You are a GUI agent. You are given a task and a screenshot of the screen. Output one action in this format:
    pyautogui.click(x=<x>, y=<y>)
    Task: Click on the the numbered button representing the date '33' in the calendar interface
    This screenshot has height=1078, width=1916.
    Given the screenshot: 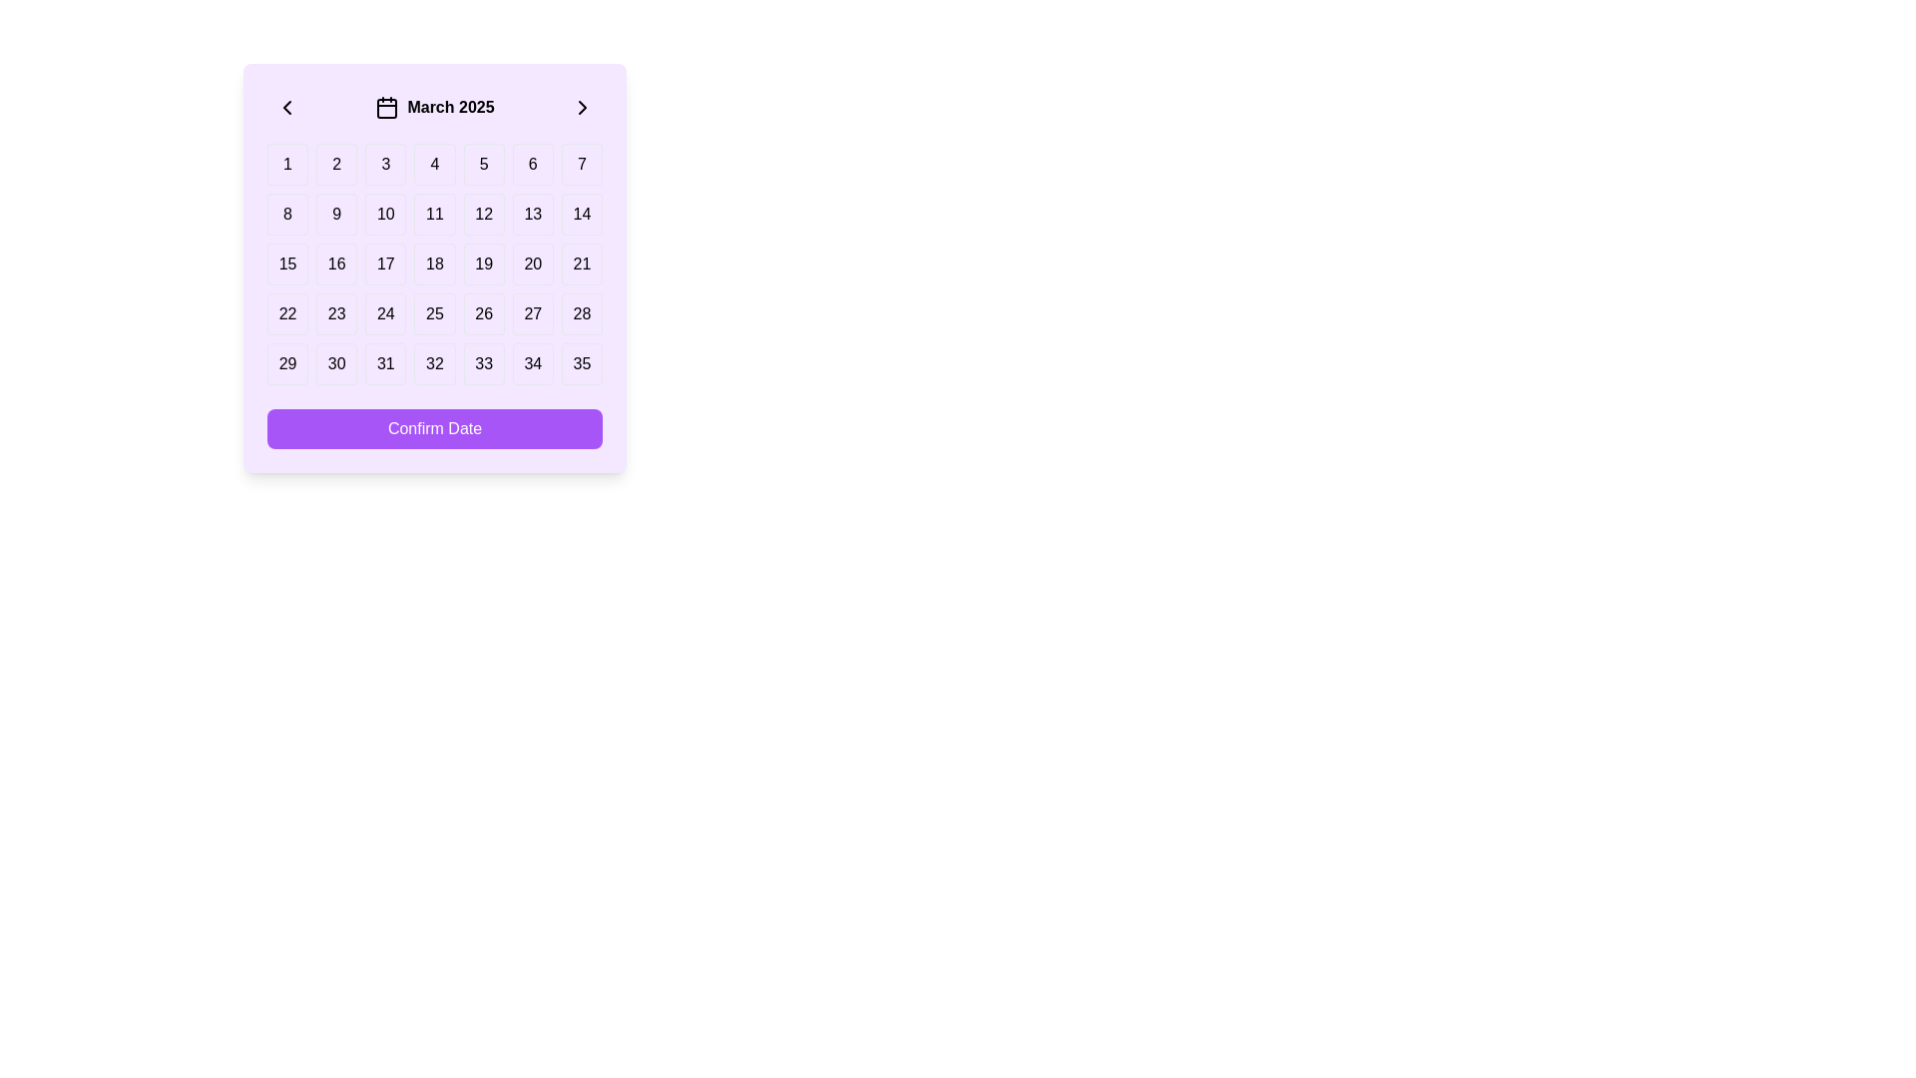 What is the action you would take?
    pyautogui.click(x=483, y=364)
    